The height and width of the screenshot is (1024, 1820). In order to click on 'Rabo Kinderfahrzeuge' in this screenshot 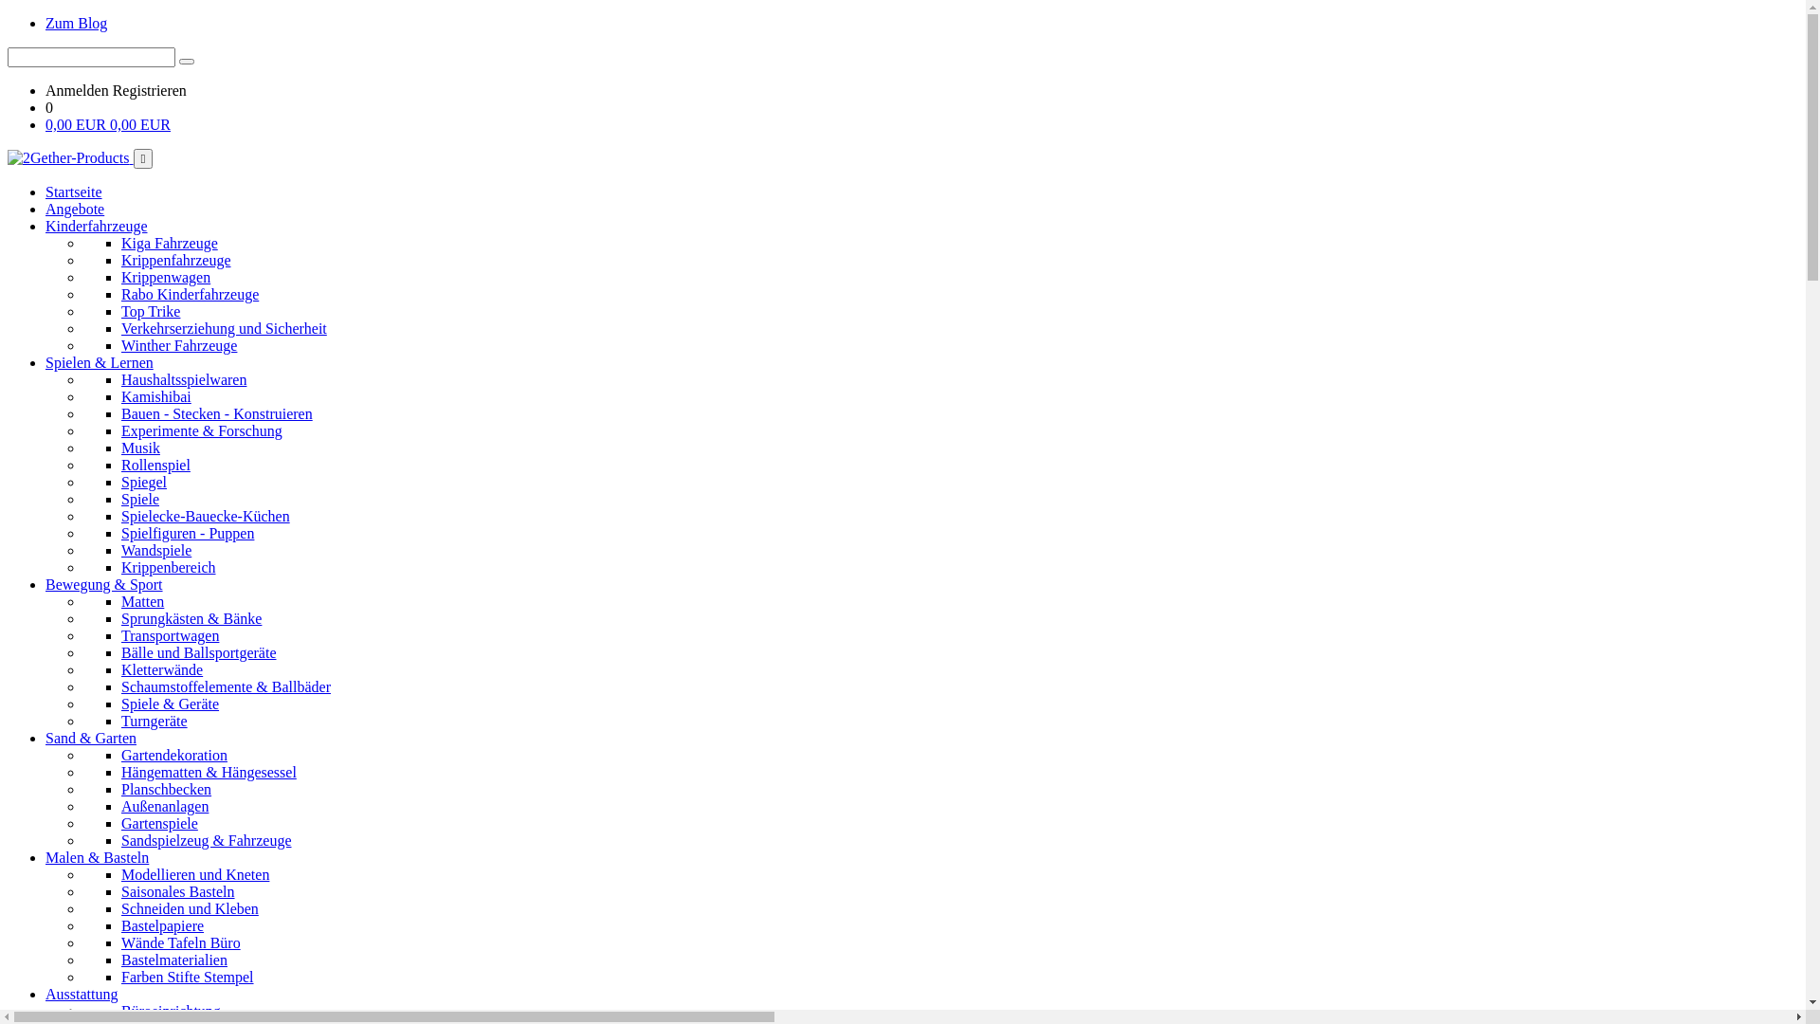, I will do `click(190, 294)`.